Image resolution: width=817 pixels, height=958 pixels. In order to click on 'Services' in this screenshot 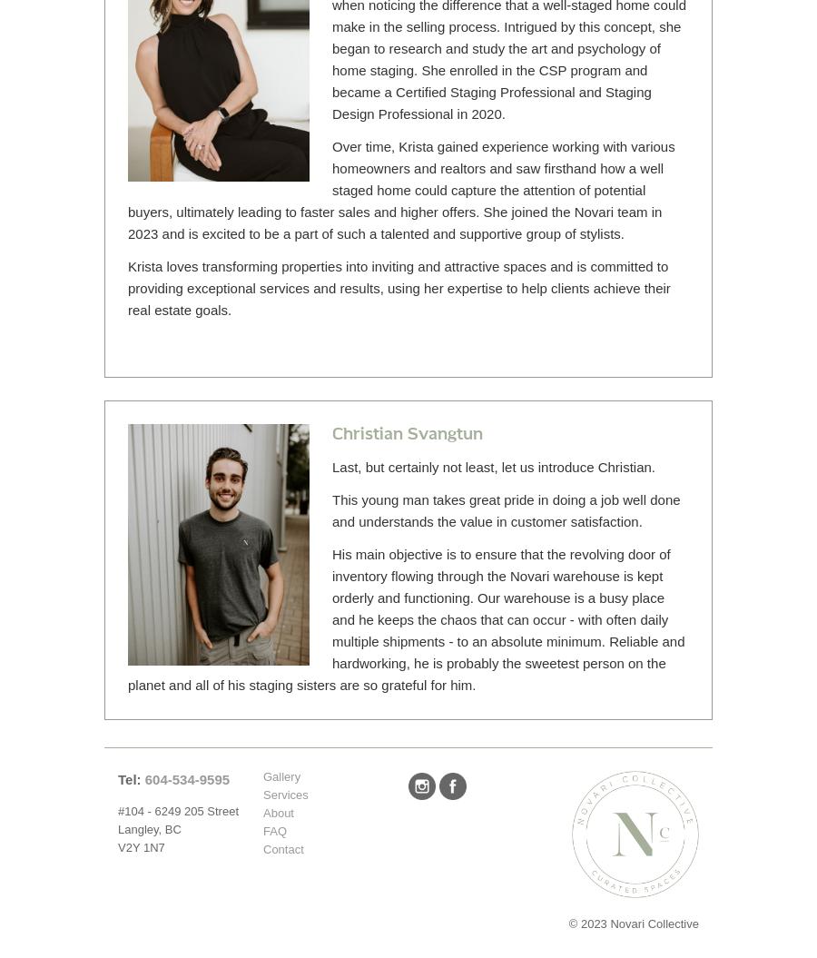, I will do `click(261, 795)`.